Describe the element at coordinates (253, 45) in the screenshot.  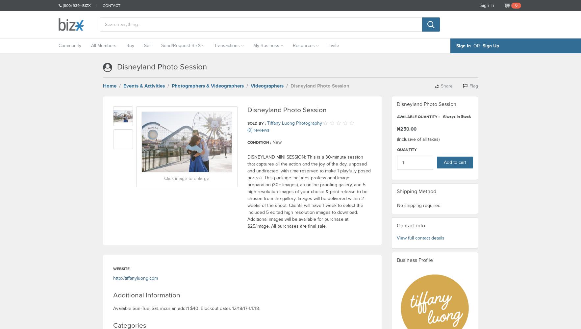
I see `'My Business'` at that location.